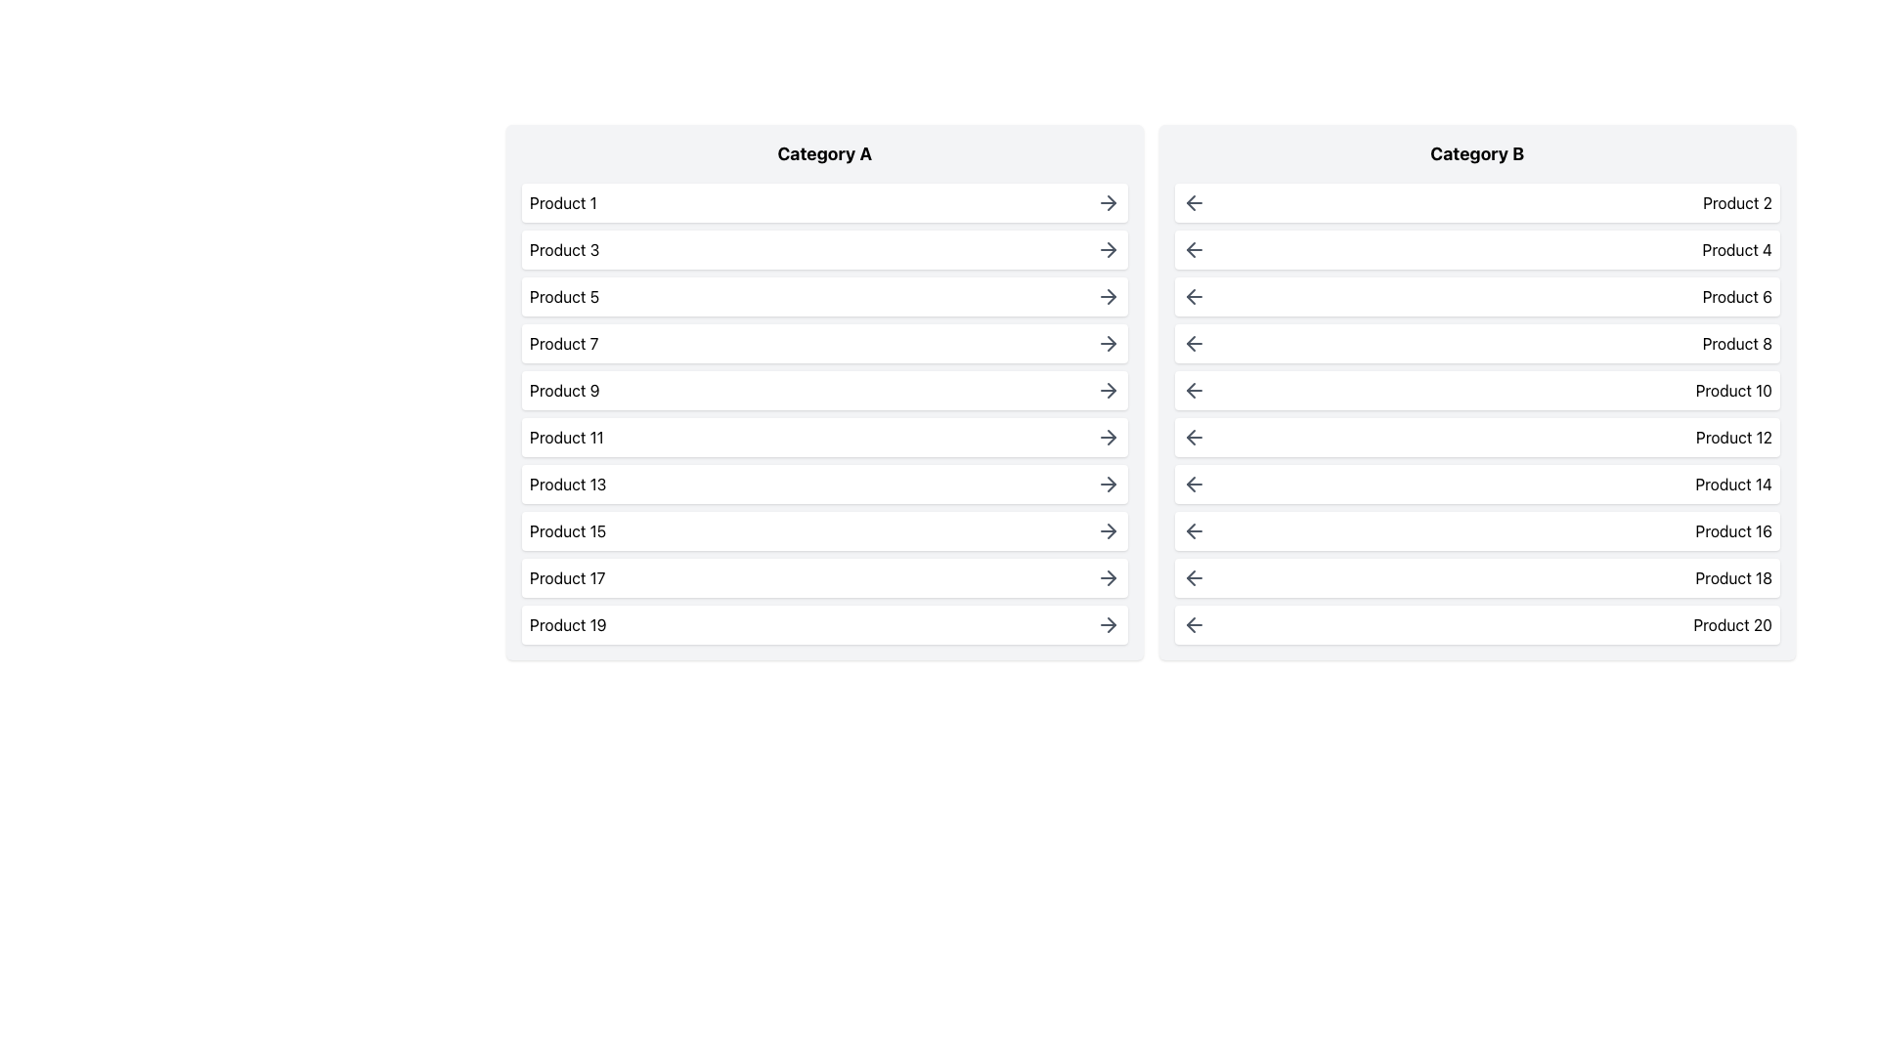 The image size is (1877, 1055). I want to click on the leftward arrow icon related to 'Product 8' in the 'Category B' section of the interface, so click(1190, 342).